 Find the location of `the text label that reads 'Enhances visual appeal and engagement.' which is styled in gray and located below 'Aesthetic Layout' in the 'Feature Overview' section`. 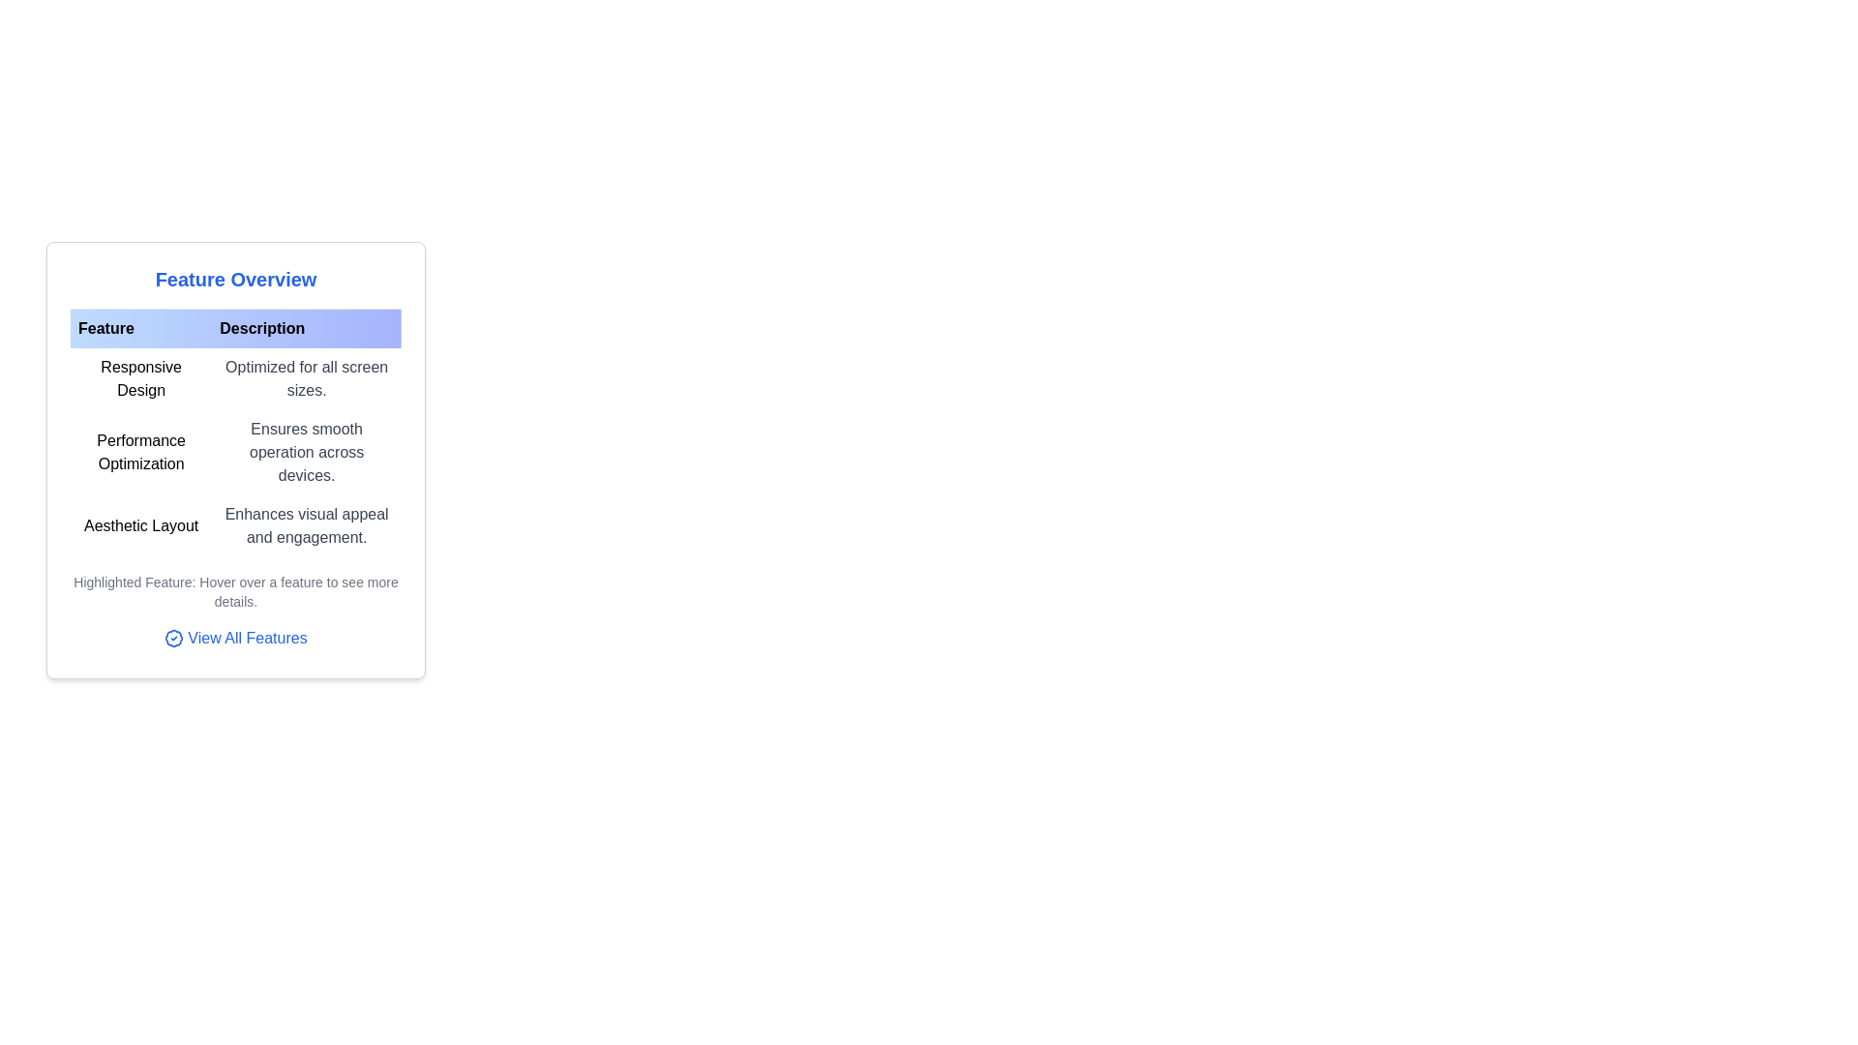

the text label that reads 'Enhances visual appeal and engagement.' which is styled in gray and located below 'Aesthetic Layout' in the 'Feature Overview' section is located at coordinates (306, 525).